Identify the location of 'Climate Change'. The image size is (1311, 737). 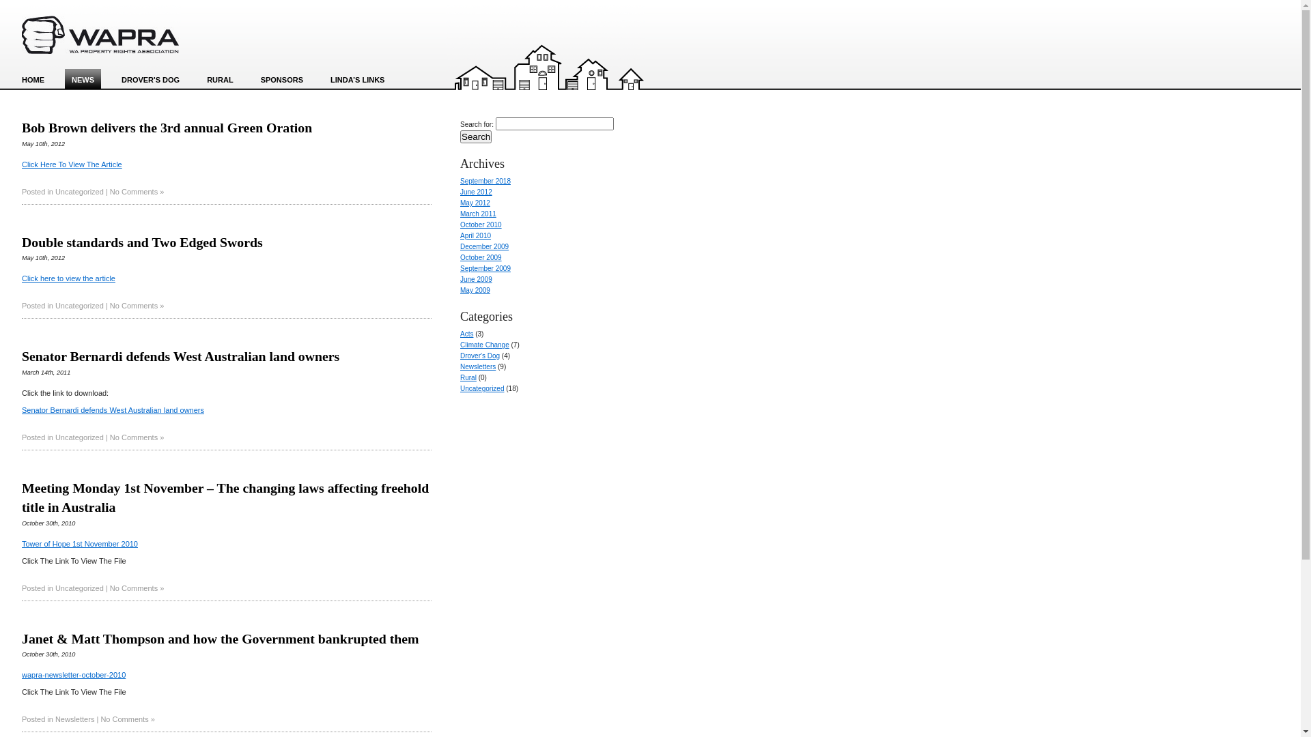
(485, 344).